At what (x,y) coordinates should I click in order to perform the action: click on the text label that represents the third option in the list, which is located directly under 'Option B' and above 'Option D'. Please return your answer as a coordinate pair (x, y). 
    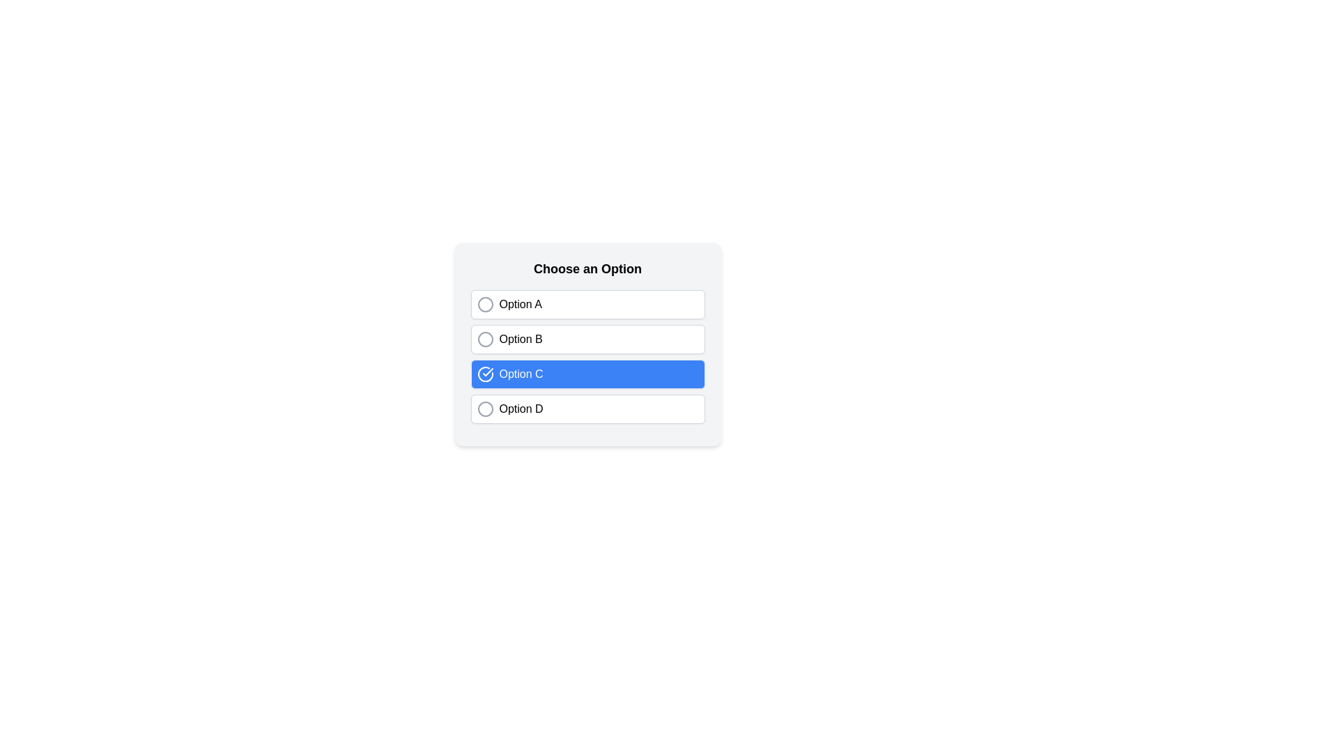
    Looking at the image, I should click on (521, 373).